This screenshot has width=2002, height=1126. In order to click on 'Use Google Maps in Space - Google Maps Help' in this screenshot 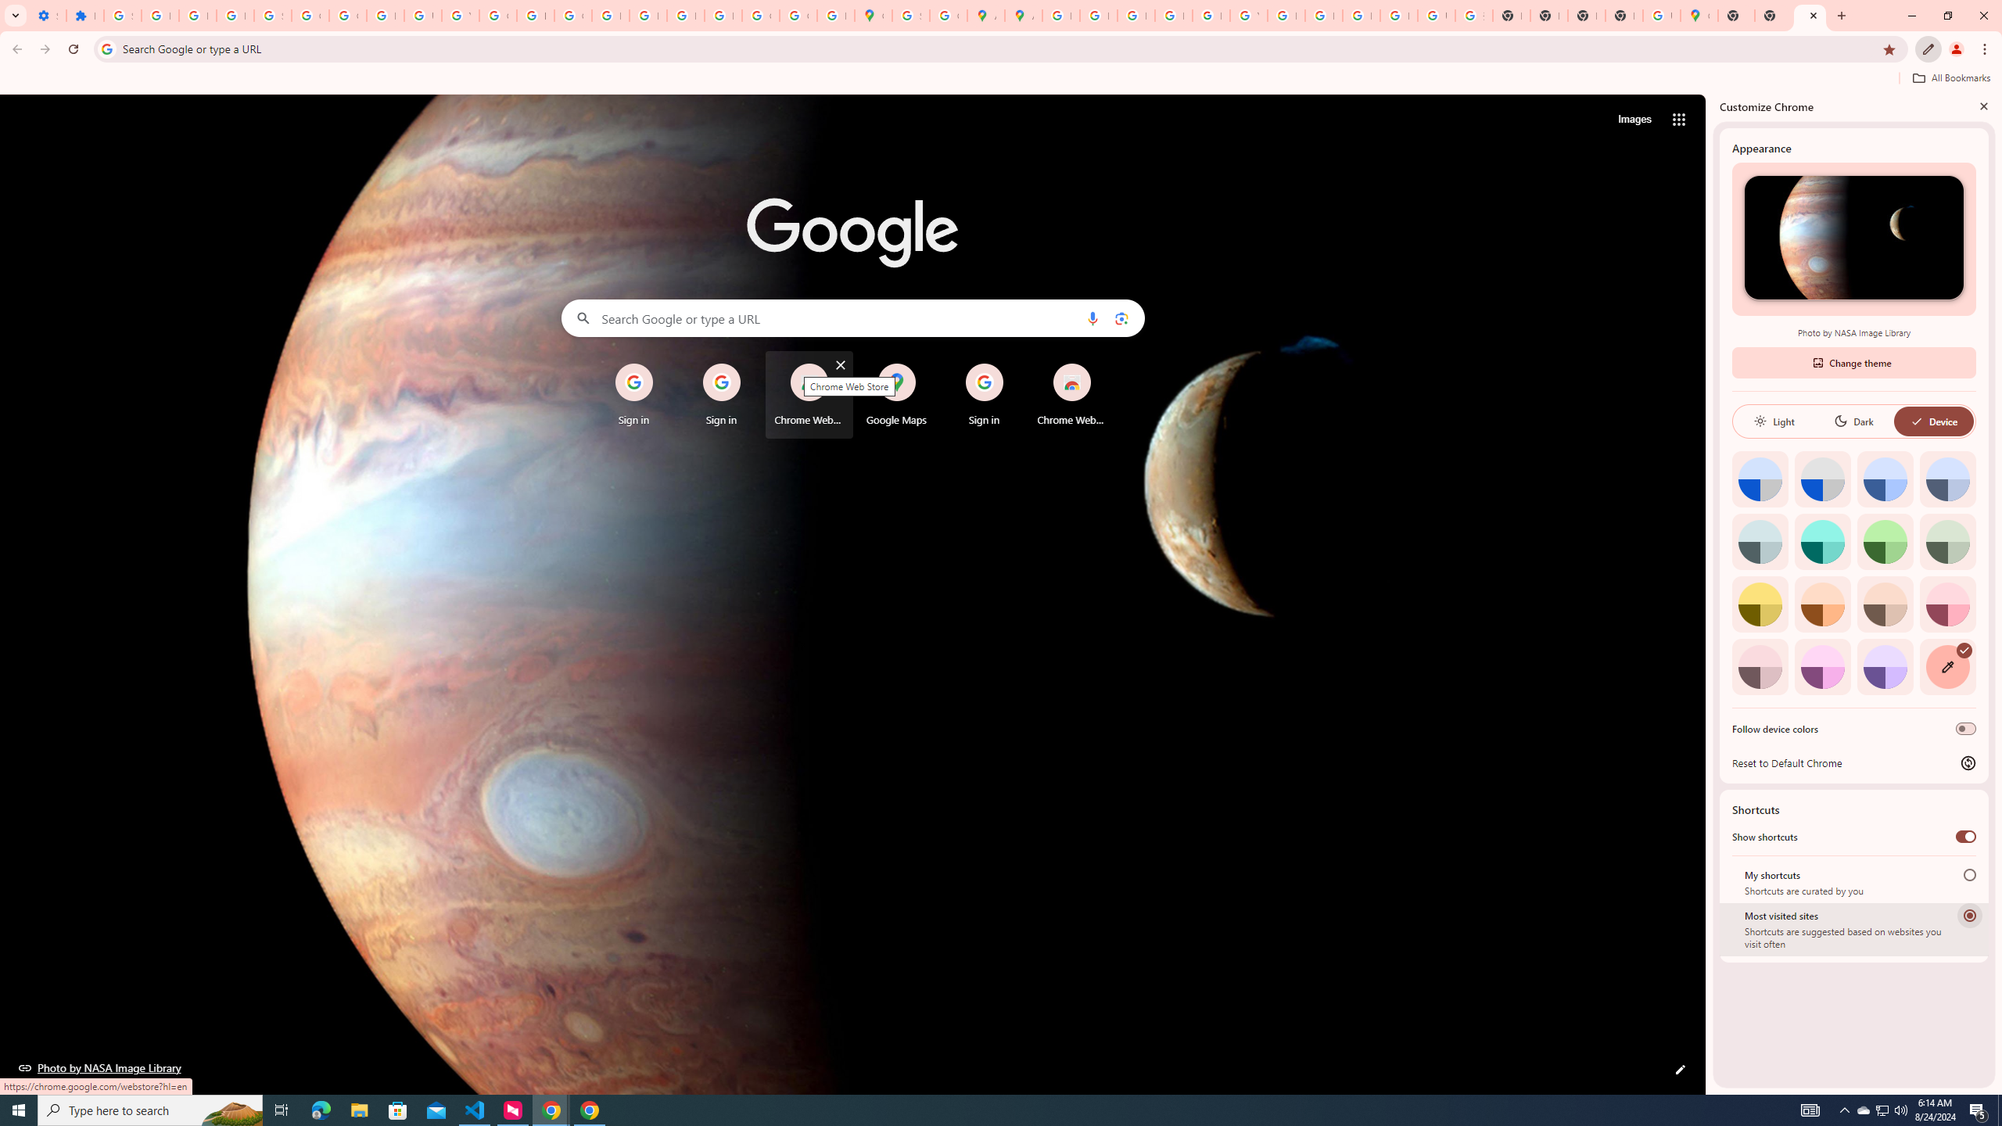, I will do `click(1660, 15)`.